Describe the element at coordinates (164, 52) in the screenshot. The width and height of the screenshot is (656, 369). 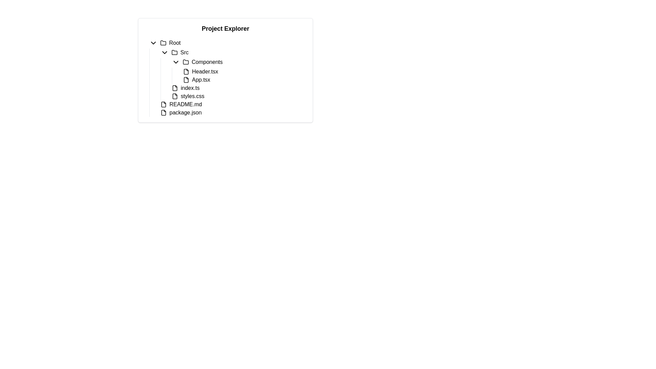
I see `the downward-pointing chevron icon located to the left of the 'Src' folder in the project explorer` at that location.